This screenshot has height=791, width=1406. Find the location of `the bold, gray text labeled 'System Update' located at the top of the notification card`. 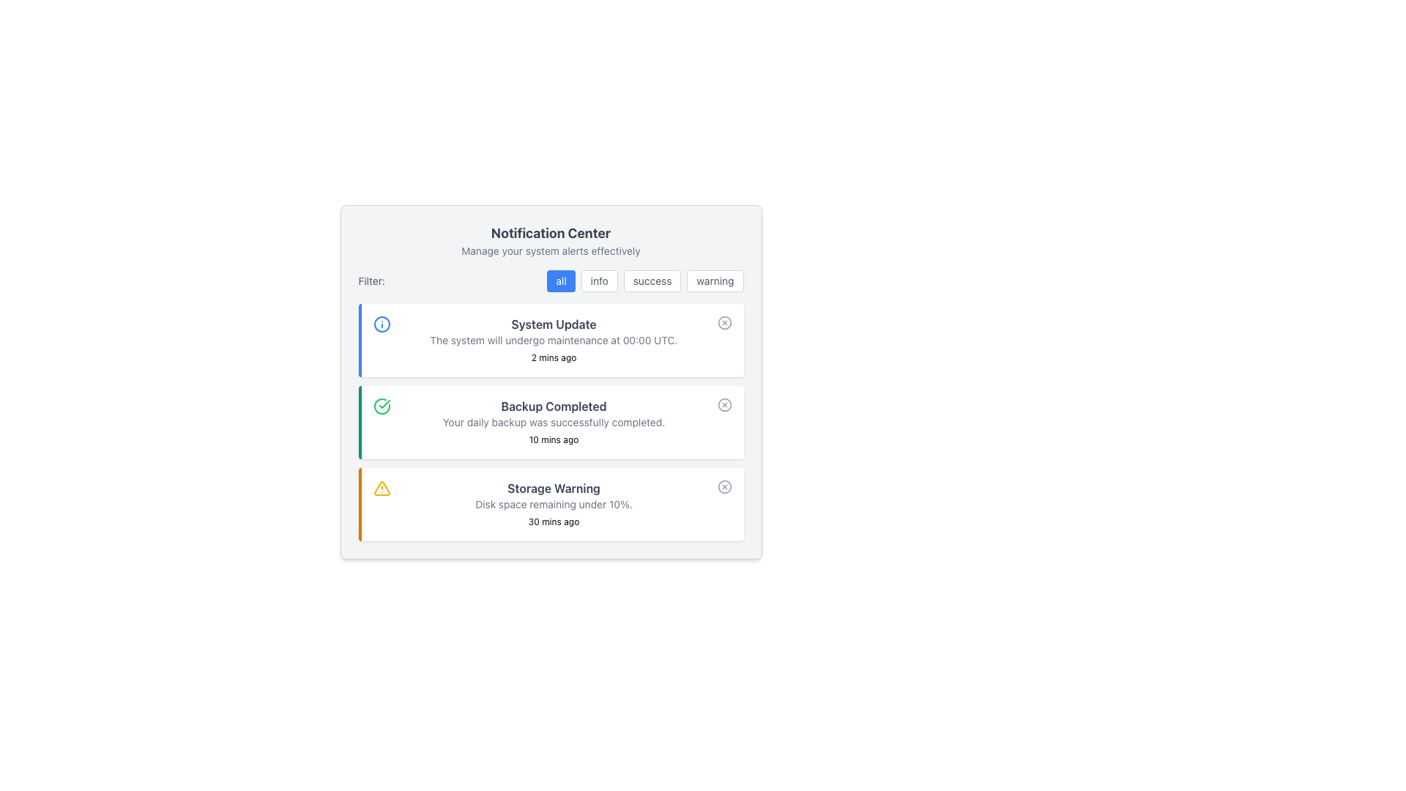

the bold, gray text labeled 'System Update' located at the top of the notification card is located at coordinates (553, 324).